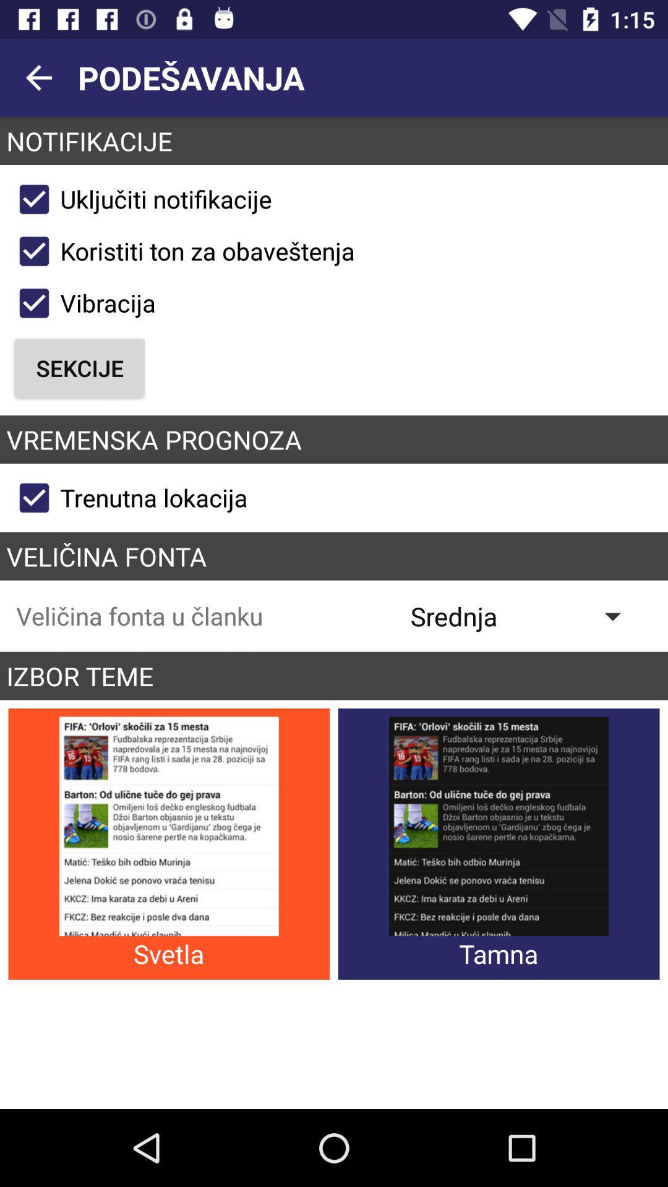 The height and width of the screenshot is (1187, 668). Describe the element at coordinates (525, 616) in the screenshot. I see `drop down` at that location.